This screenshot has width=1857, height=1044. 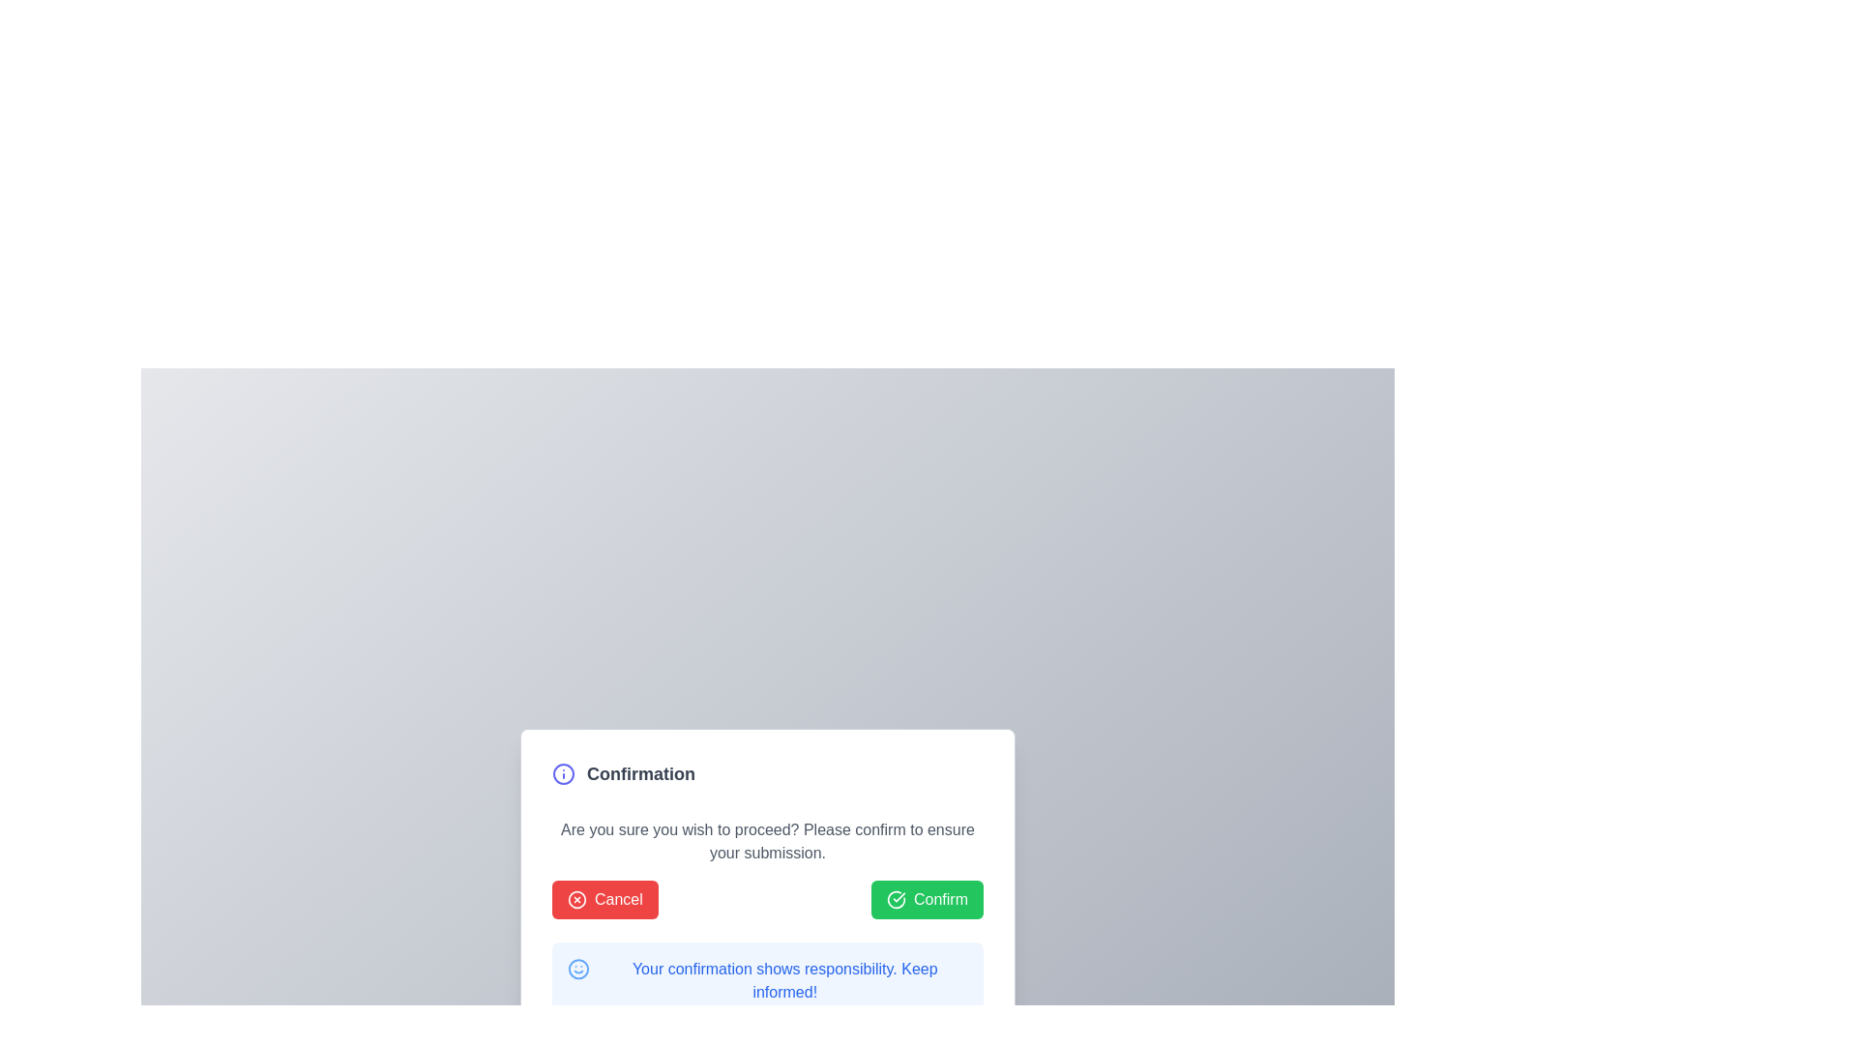 I want to click on the decorative icon positioned to the left of the text 'Your confirmation shows responsibility. Keep informed!', so click(x=577, y=969).